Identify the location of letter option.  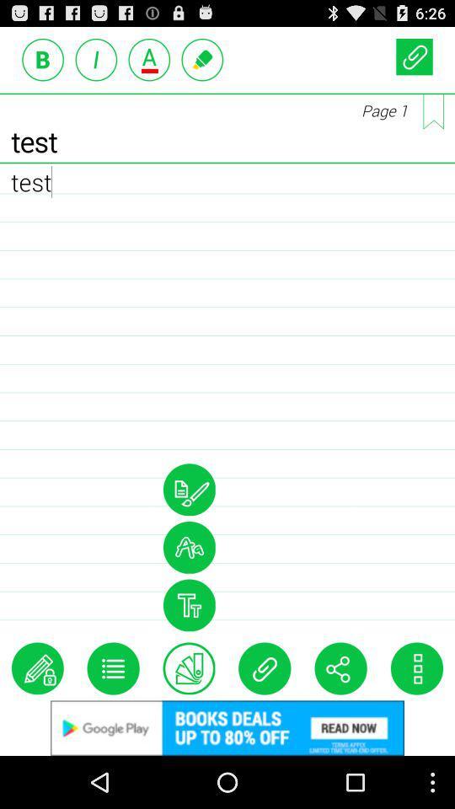
(149, 59).